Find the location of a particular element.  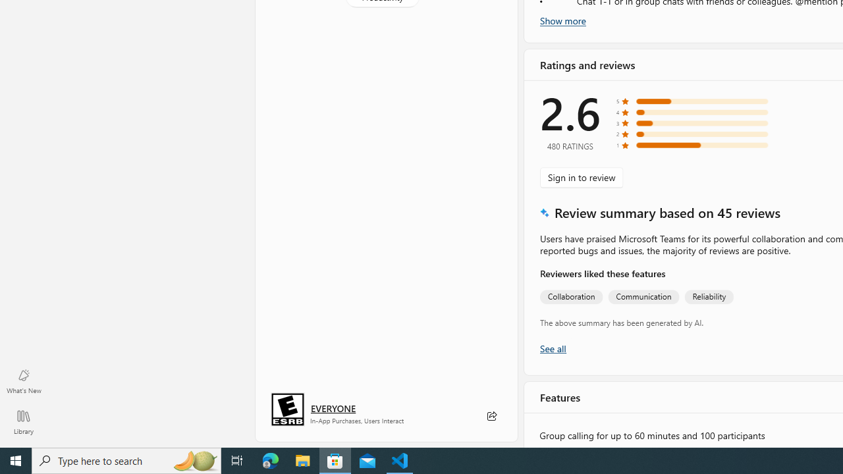

'Sign in to review' is located at coordinates (581, 176).